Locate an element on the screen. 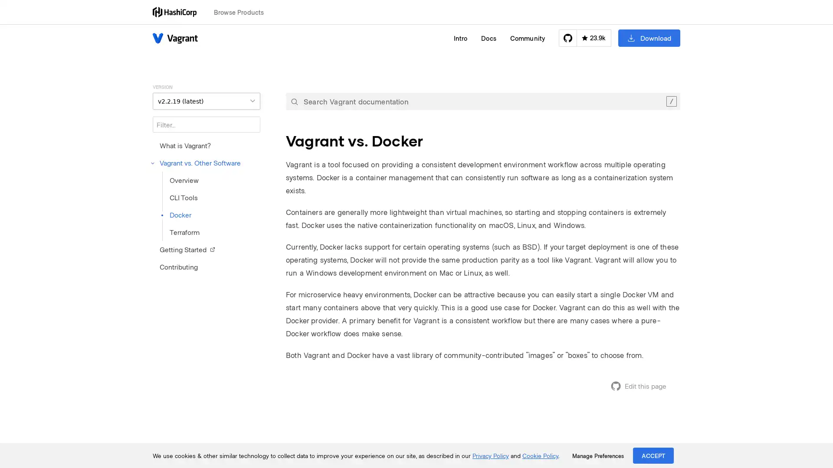 Image resolution: width=833 pixels, height=468 pixels. ACCEPT is located at coordinates (653, 455).